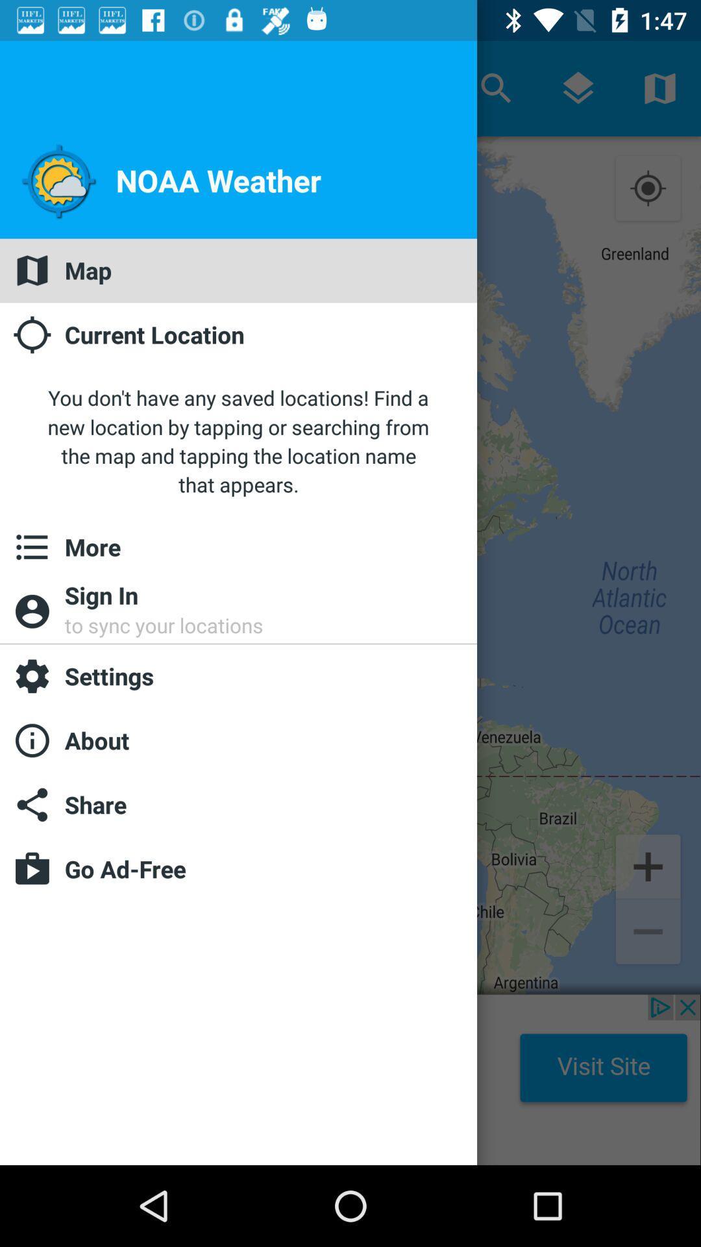 Image resolution: width=701 pixels, height=1247 pixels. I want to click on the location_crosshair icon, so click(648, 188).